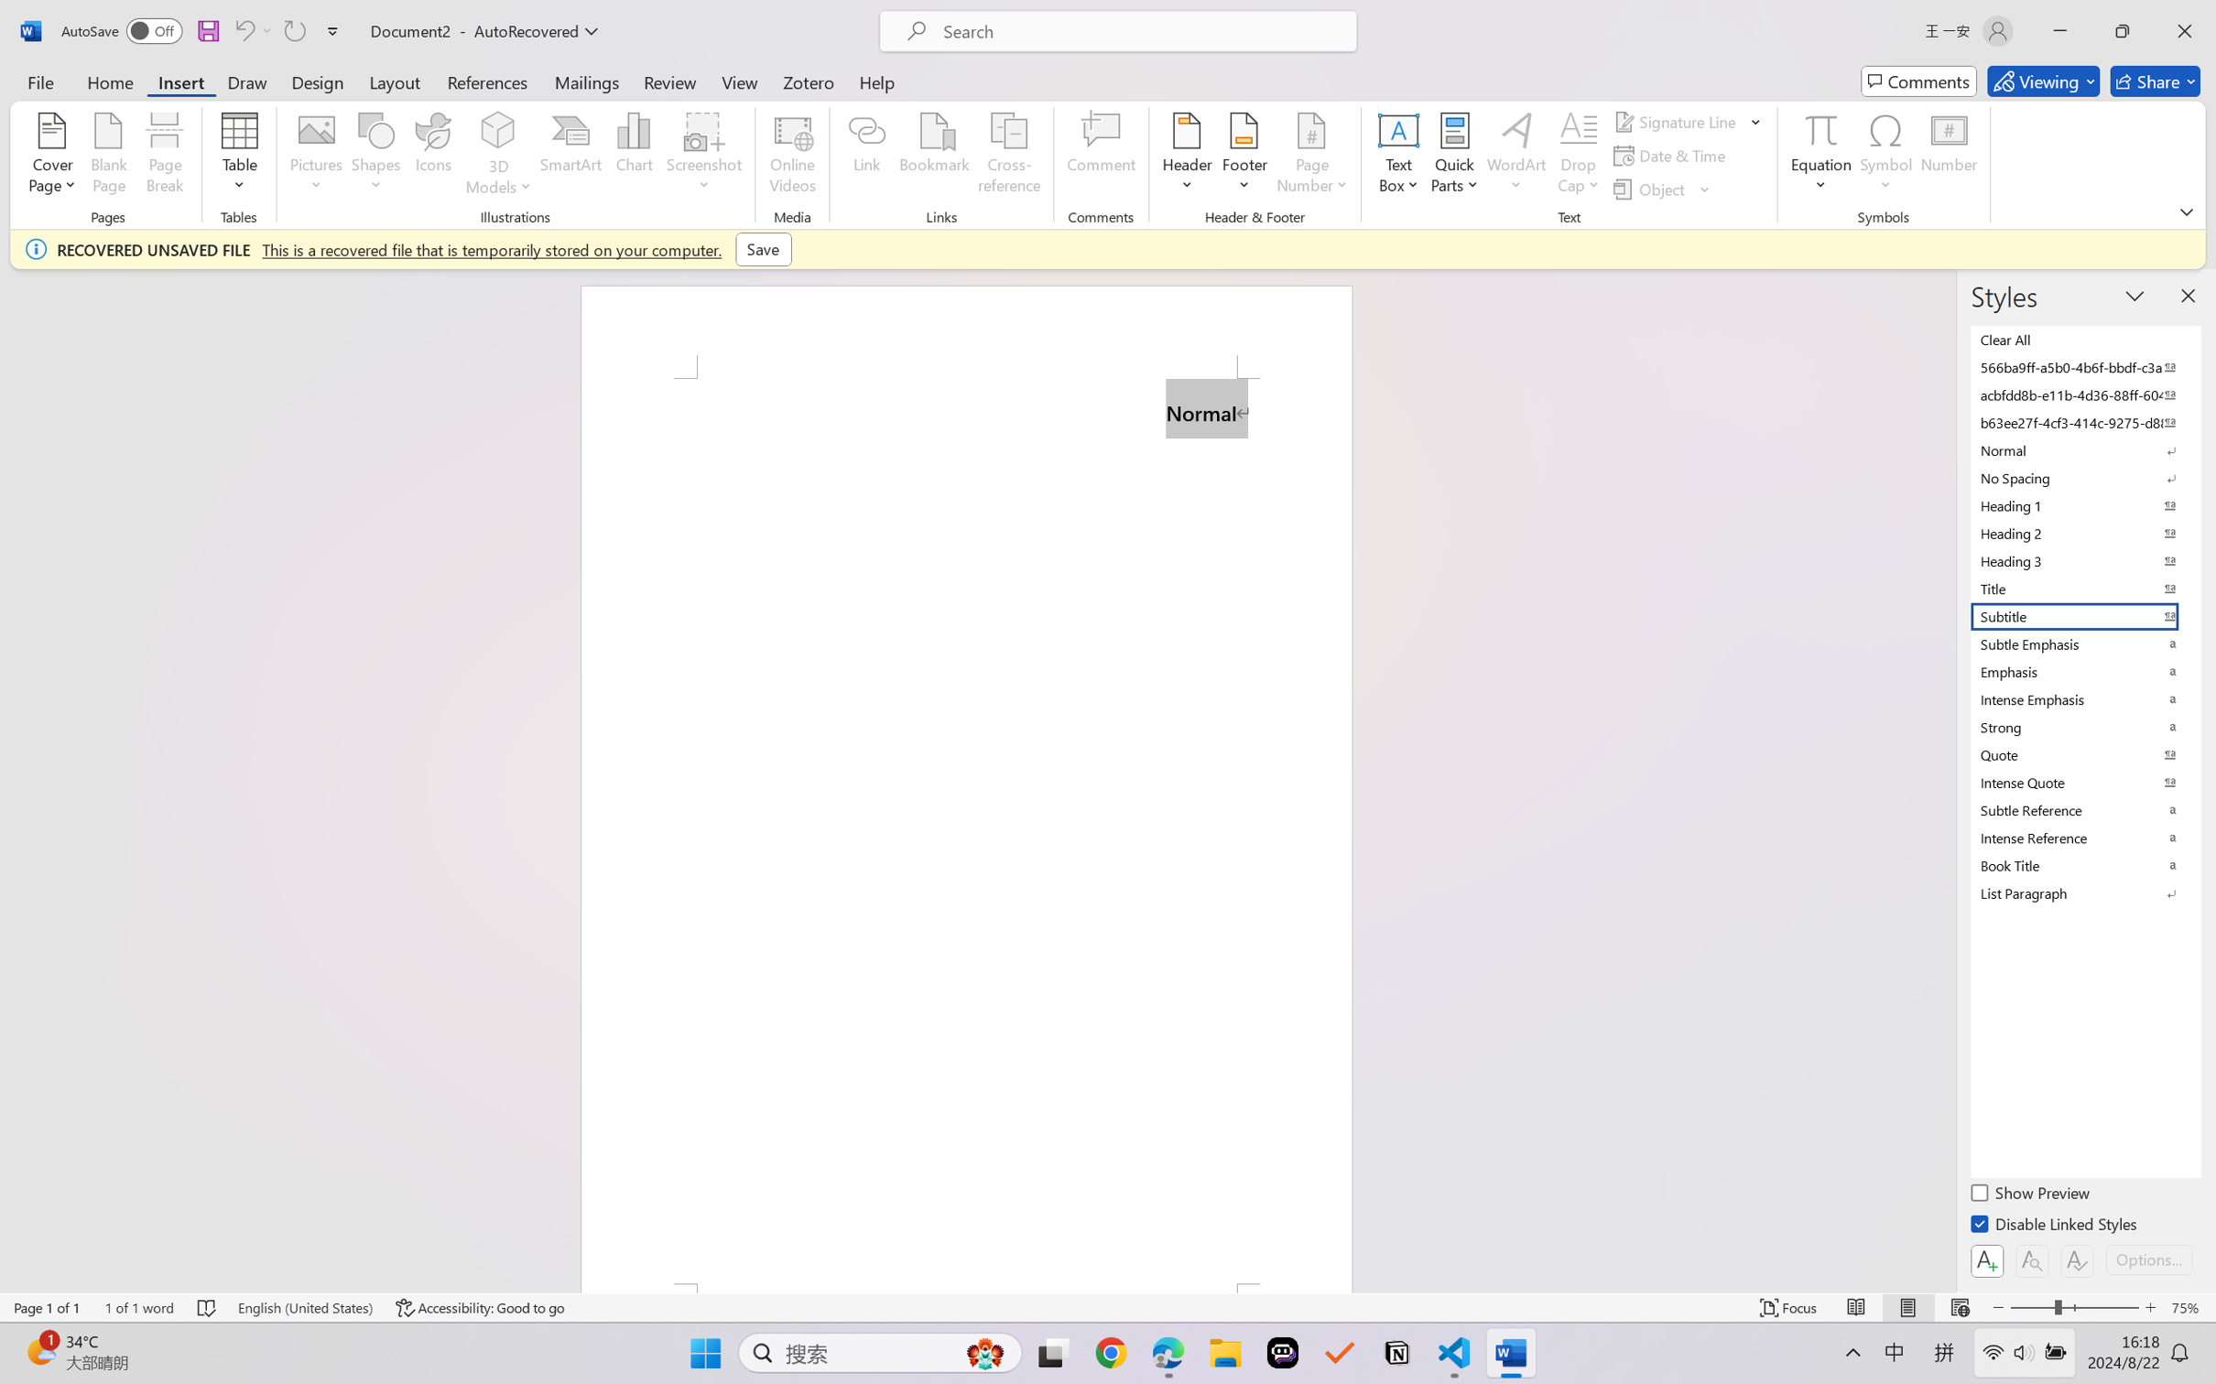 The height and width of the screenshot is (1384, 2216). Describe the element at coordinates (2083, 589) in the screenshot. I see `'Title'` at that location.